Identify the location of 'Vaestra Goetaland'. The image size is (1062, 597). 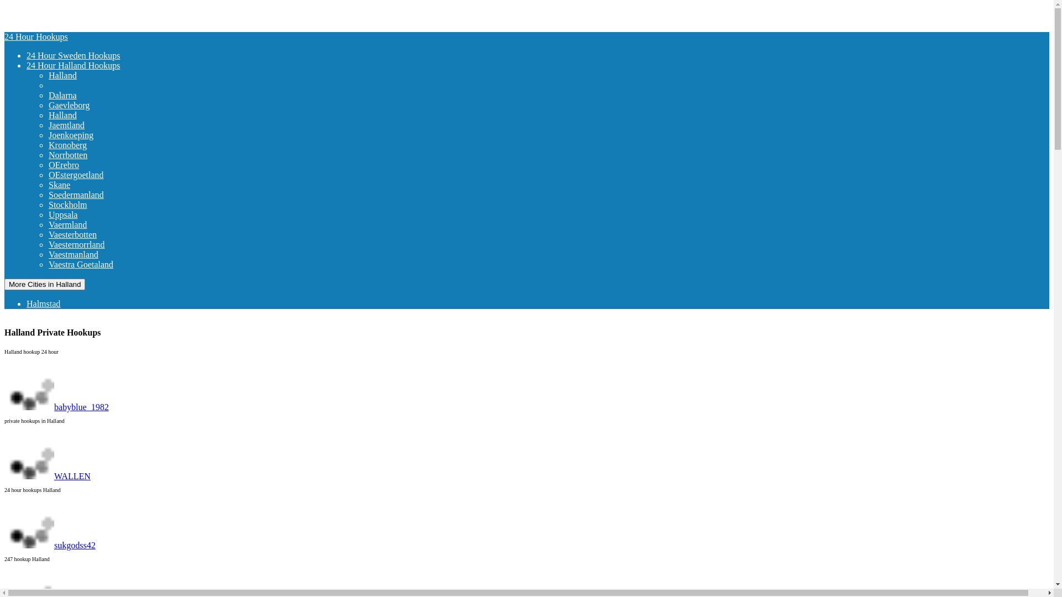
(100, 264).